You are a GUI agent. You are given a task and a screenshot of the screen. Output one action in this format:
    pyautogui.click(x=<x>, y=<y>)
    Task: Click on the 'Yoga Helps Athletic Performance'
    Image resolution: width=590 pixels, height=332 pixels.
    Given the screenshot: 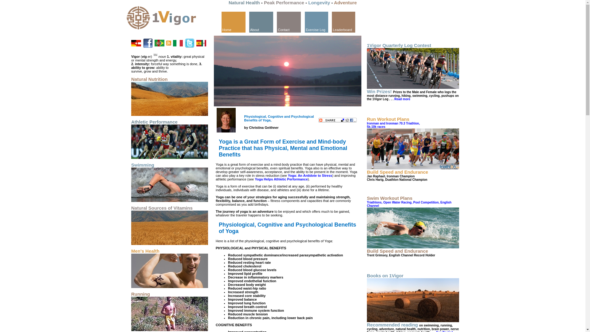 What is the action you would take?
    pyautogui.click(x=281, y=179)
    